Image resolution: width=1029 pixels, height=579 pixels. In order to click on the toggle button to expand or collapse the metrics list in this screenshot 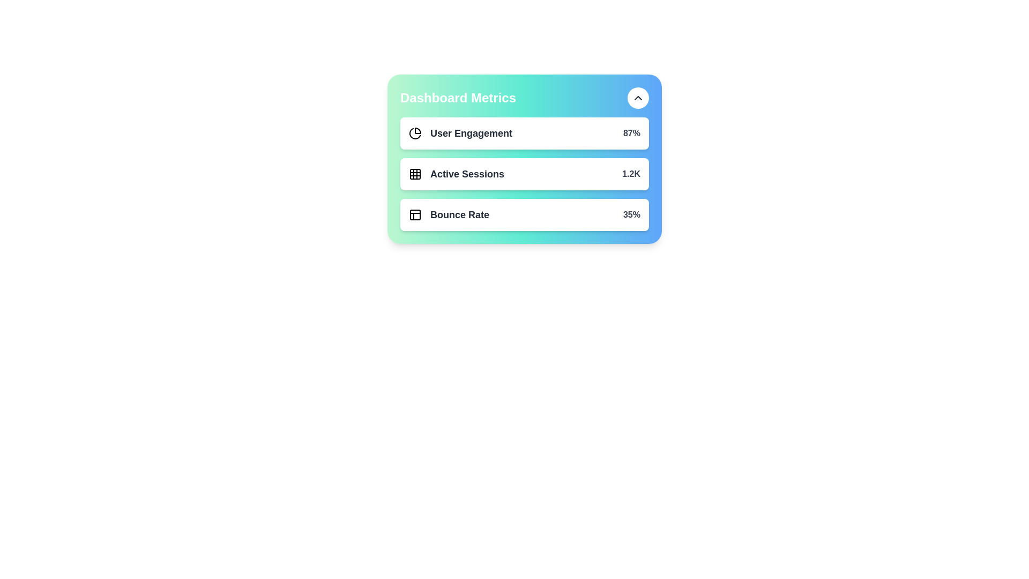, I will do `click(638, 98)`.